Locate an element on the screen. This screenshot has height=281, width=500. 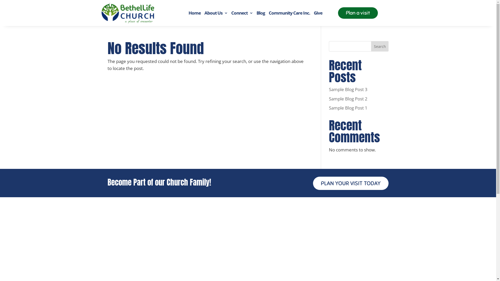
'Blog' is located at coordinates (261, 13).